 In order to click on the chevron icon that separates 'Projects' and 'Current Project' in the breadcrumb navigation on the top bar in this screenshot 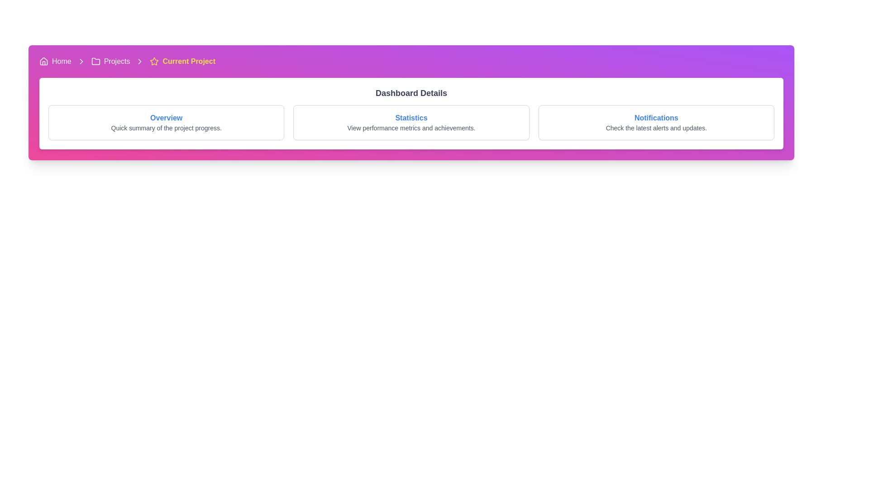, I will do `click(81, 61)`.